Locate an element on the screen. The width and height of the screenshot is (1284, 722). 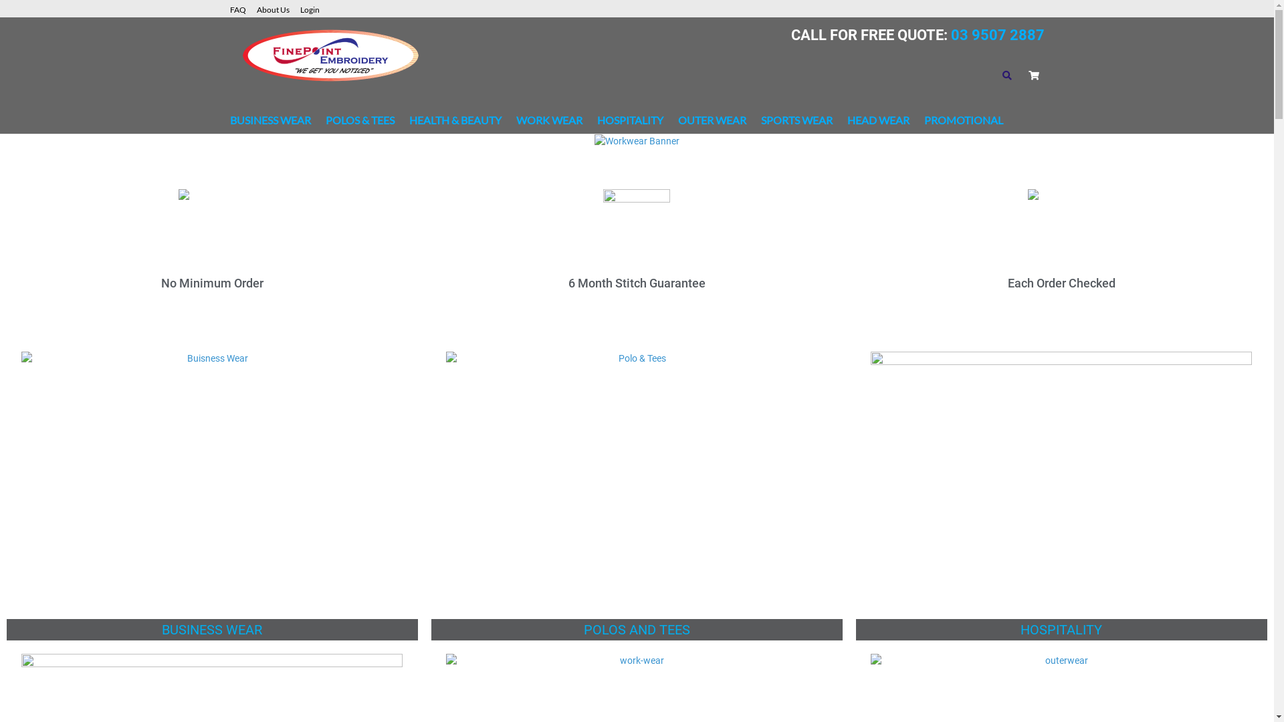
'HEAD WEAR' is located at coordinates (846, 120).